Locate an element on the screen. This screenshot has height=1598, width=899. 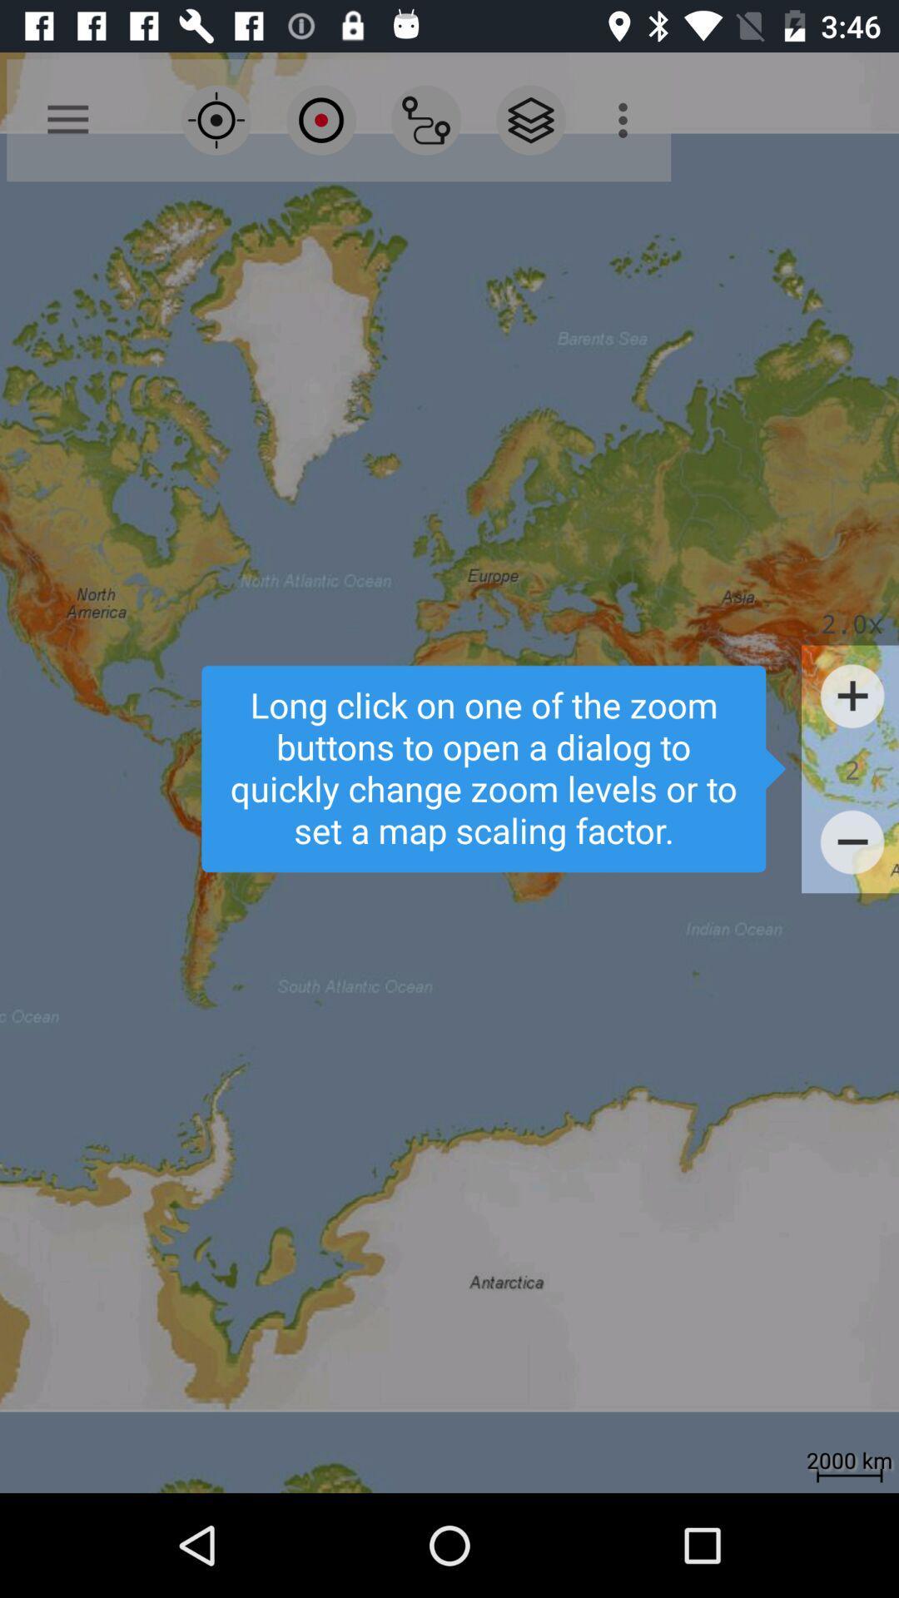
the icon at the top right corner is located at coordinates (627, 119).